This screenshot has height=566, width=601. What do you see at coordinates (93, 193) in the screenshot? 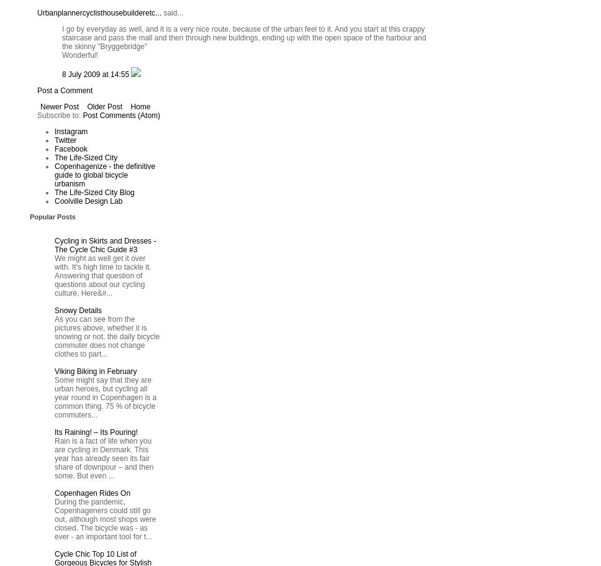
I see `'The Life-Sized City Blog'` at bounding box center [93, 193].